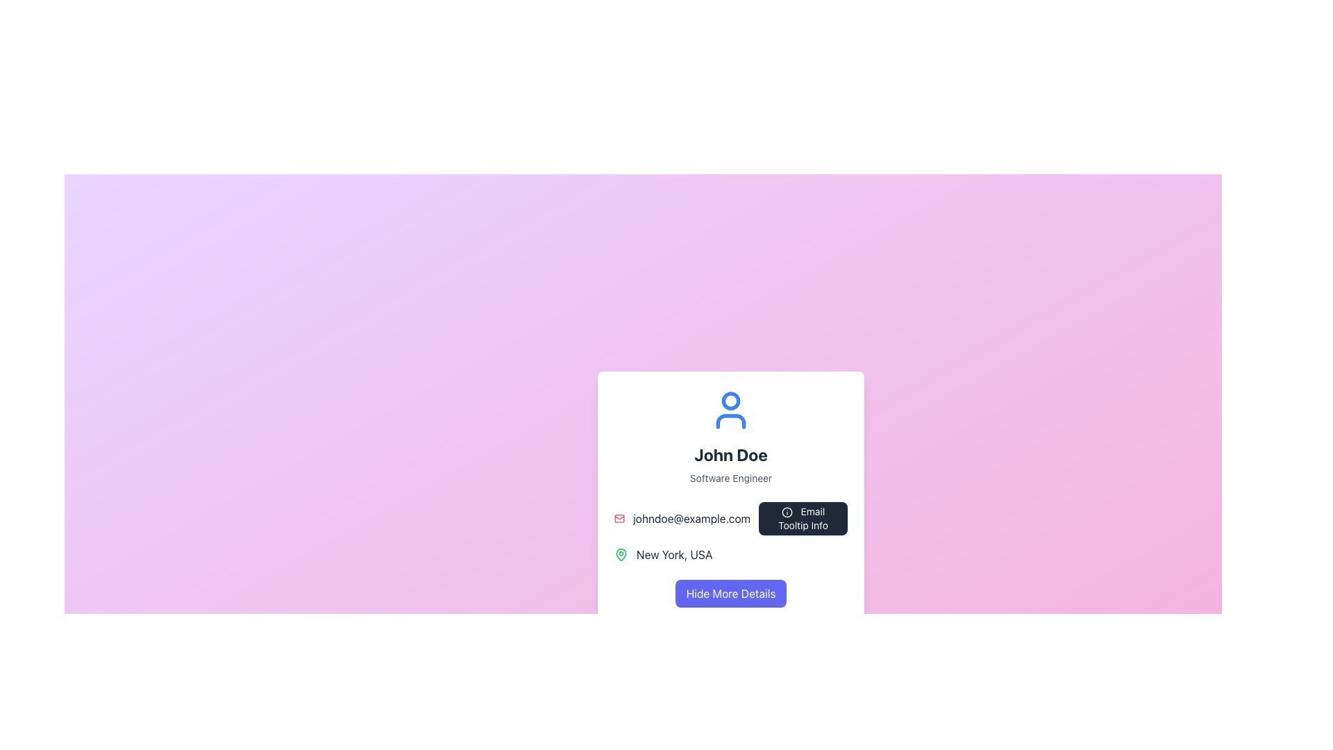  I want to click on the green pin-shaped icon representing a location marker, located adjacent to the textual address 'New York, USA', so click(620, 553).